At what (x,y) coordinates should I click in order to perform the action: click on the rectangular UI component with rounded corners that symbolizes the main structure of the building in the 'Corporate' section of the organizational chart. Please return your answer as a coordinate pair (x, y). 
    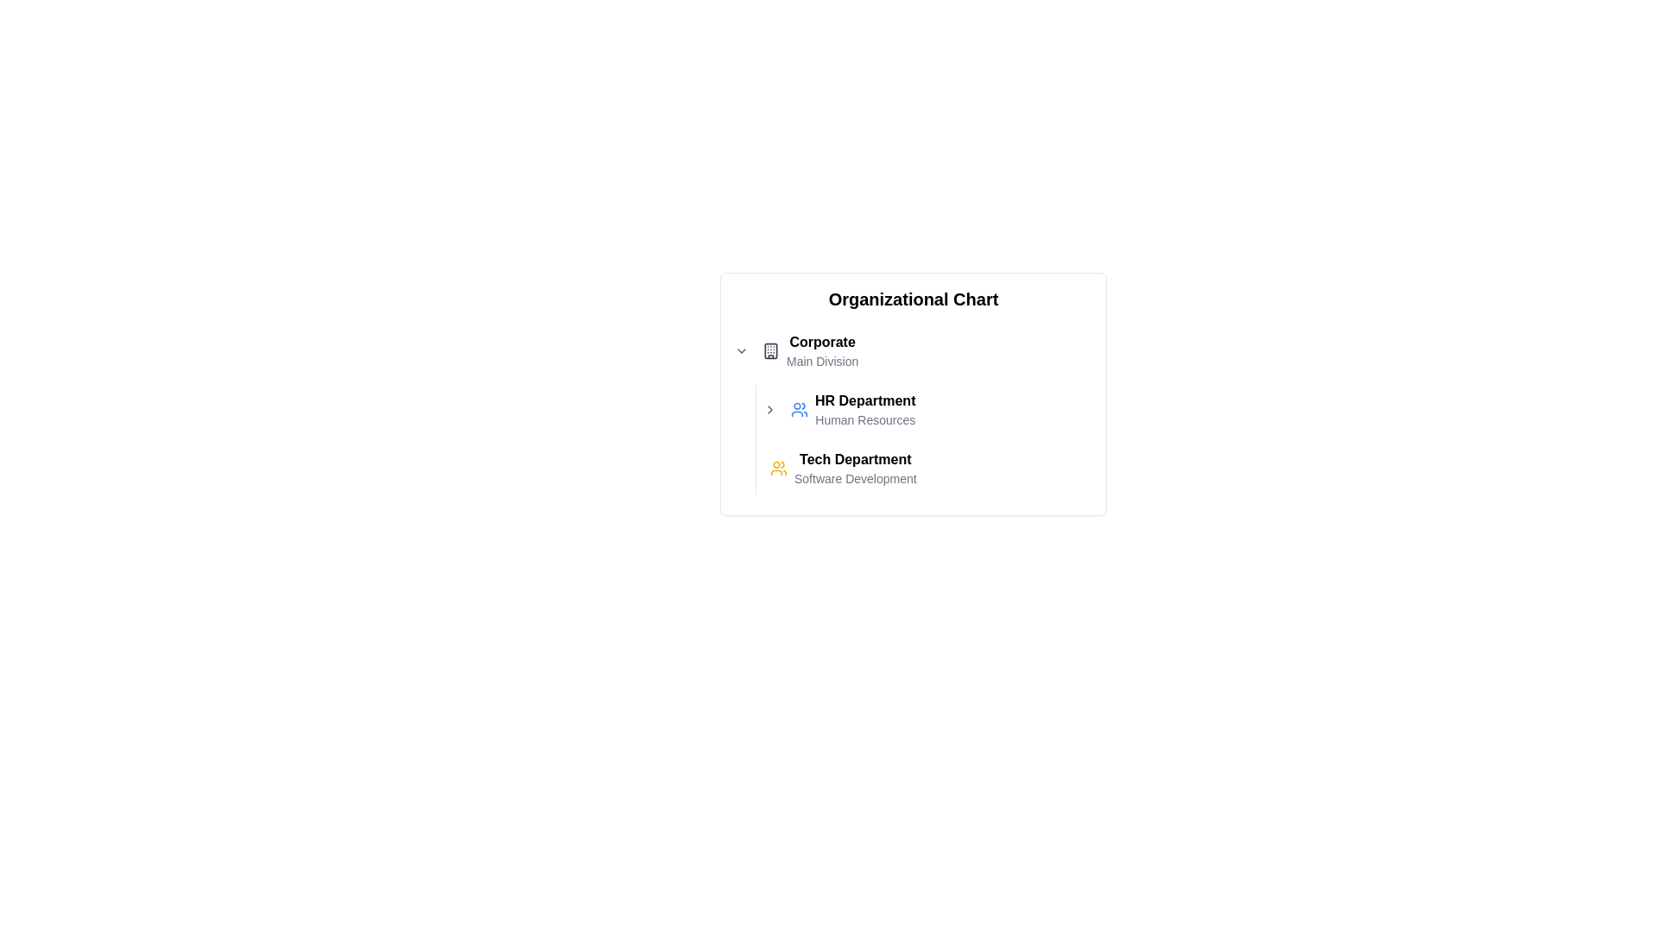
    Looking at the image, I should click on (769, 350).